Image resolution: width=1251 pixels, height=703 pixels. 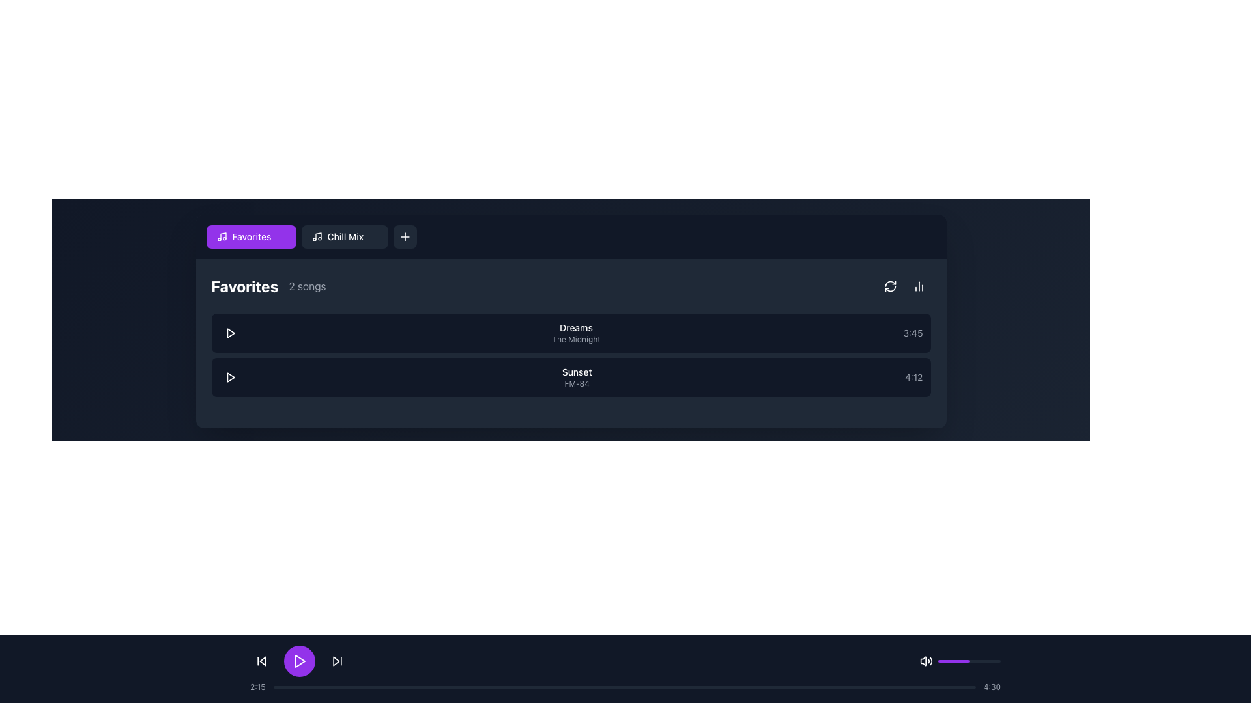 What do you see at coordinates (408, 687) in the screenshot?
I see `the playback position` at bounding box center [408, 687].